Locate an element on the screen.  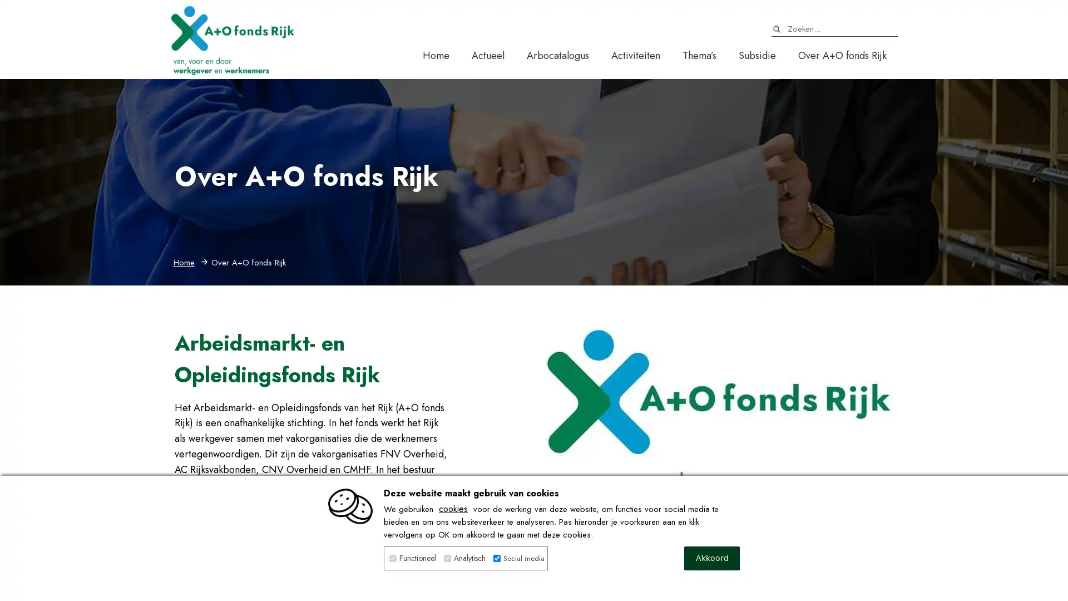
Akkoord is located at coordinates (712, 558).